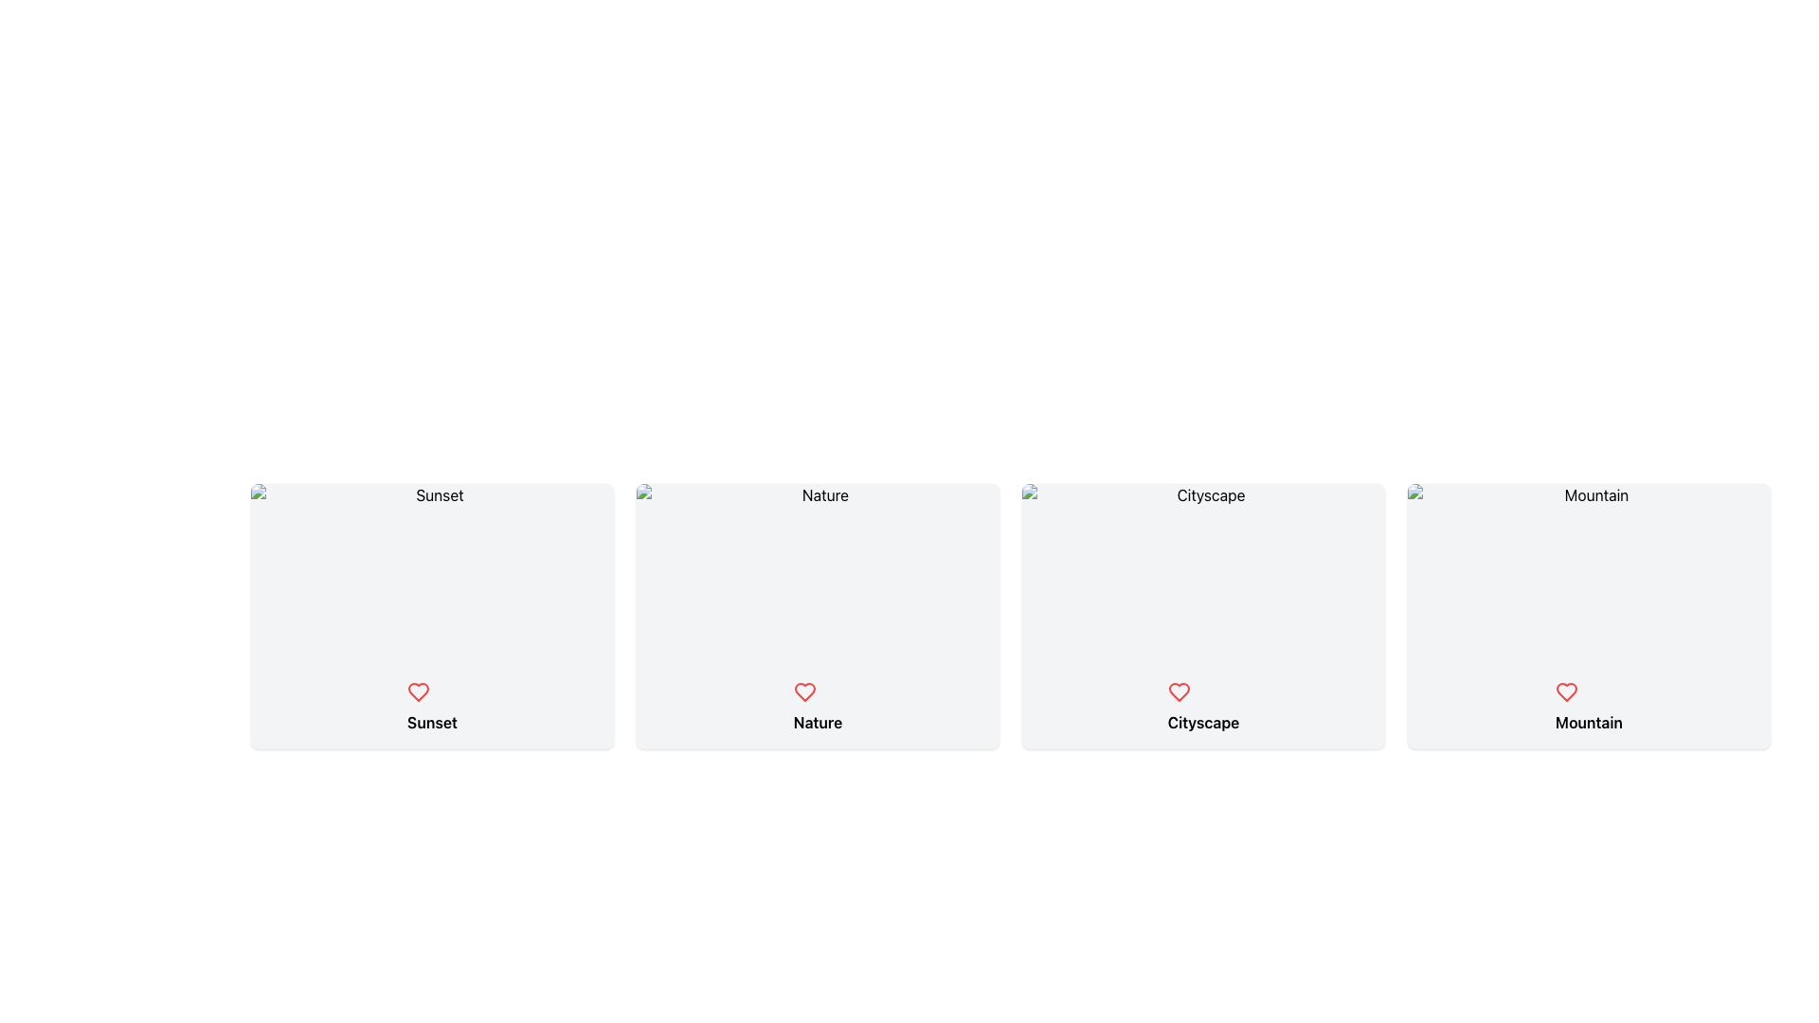 Image resolution: width=1819 pixels, height=1023 pixels. I want to click on the image displaying the 'Mountain' card, which is positioned at the top of the fourth card in a horizontal list, so click(1589, 573).